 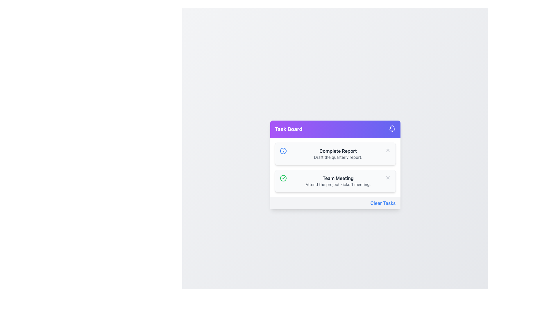 I want to click on the icon located to the left of the text block within the 'Complete Report' card, which serves as a visual indicator for status, so click(x=283, y=150).